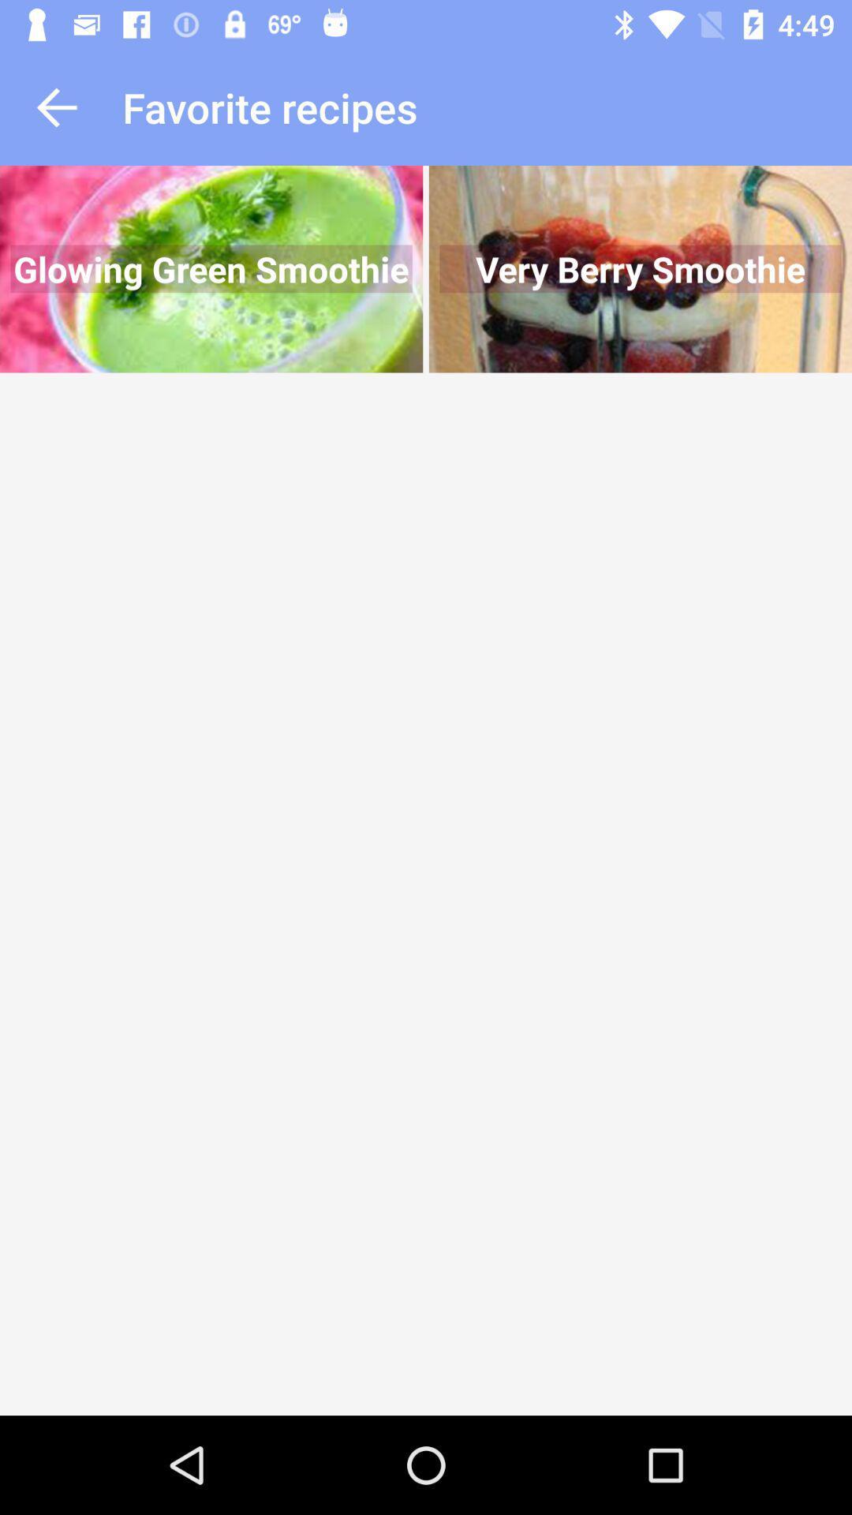  Describe the element at coordinates (56, 107) in the screenshot. I see `go back` at that location.